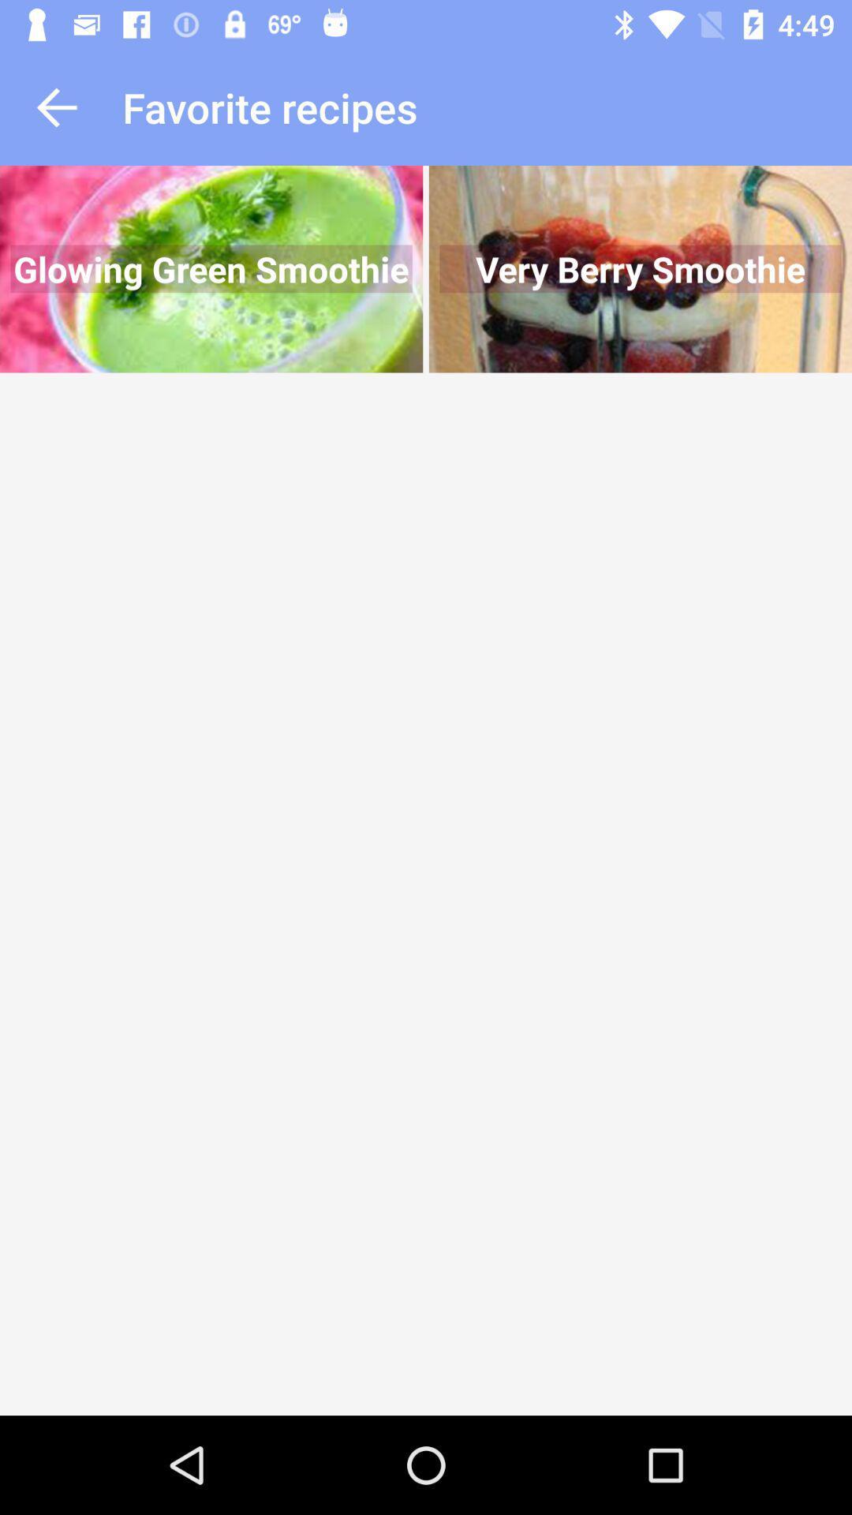  Describe the element at coordinates (56, 107) in the screenshot. I see `go back` at that location.